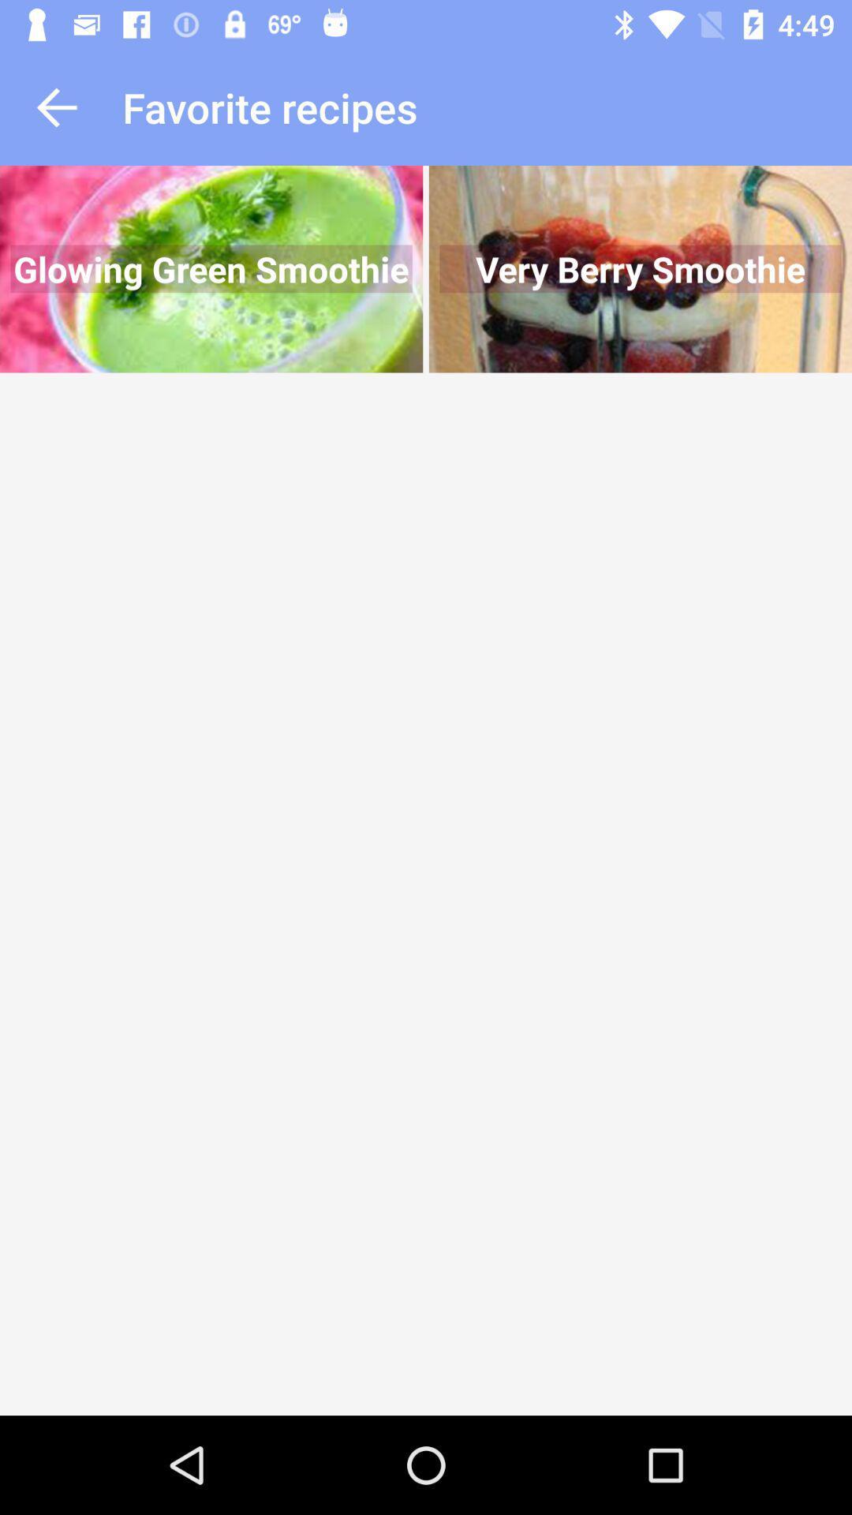  Describe the element at coordinates (56, 107) in the screenshot. I see `go back` at that location.